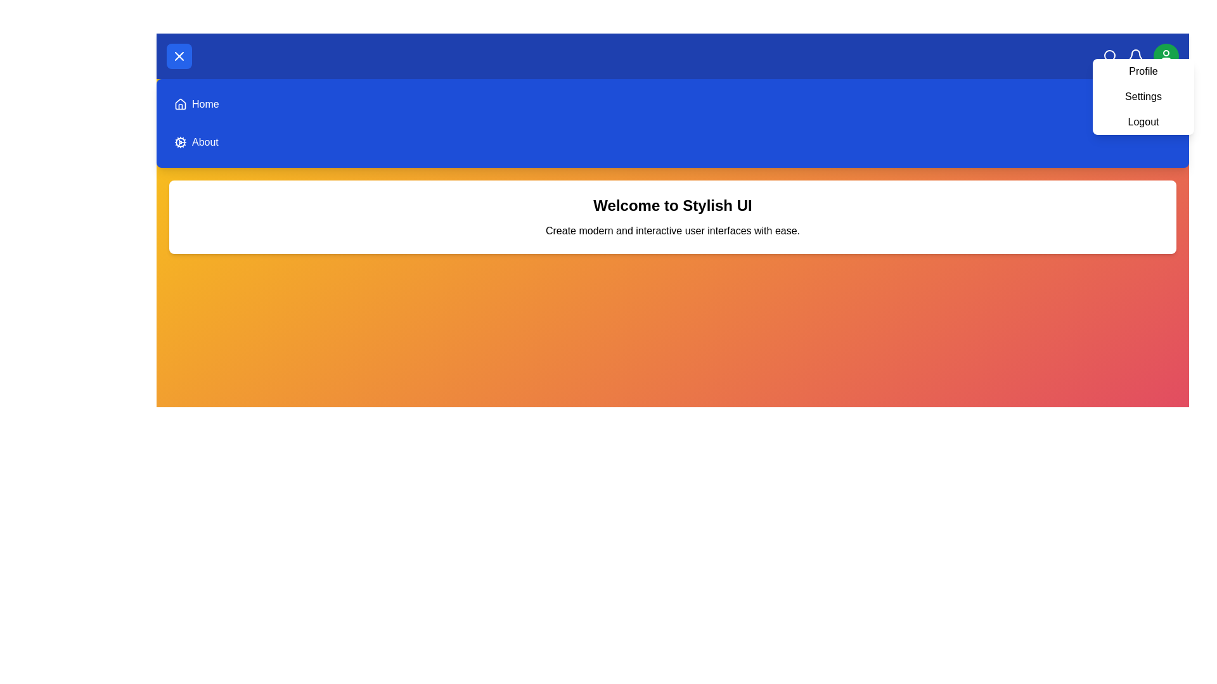  I want to click on the menu toggle button to toggle the main menu visibility, so click(179, 55).